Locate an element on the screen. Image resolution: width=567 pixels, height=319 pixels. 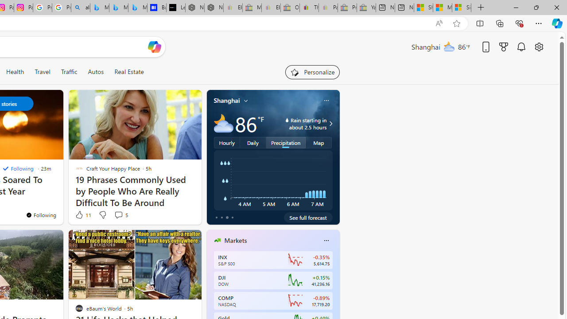
'Microsoft Bing Travel - Shangri-La Hotel Bangkok' is located at coordinates (137, 8).